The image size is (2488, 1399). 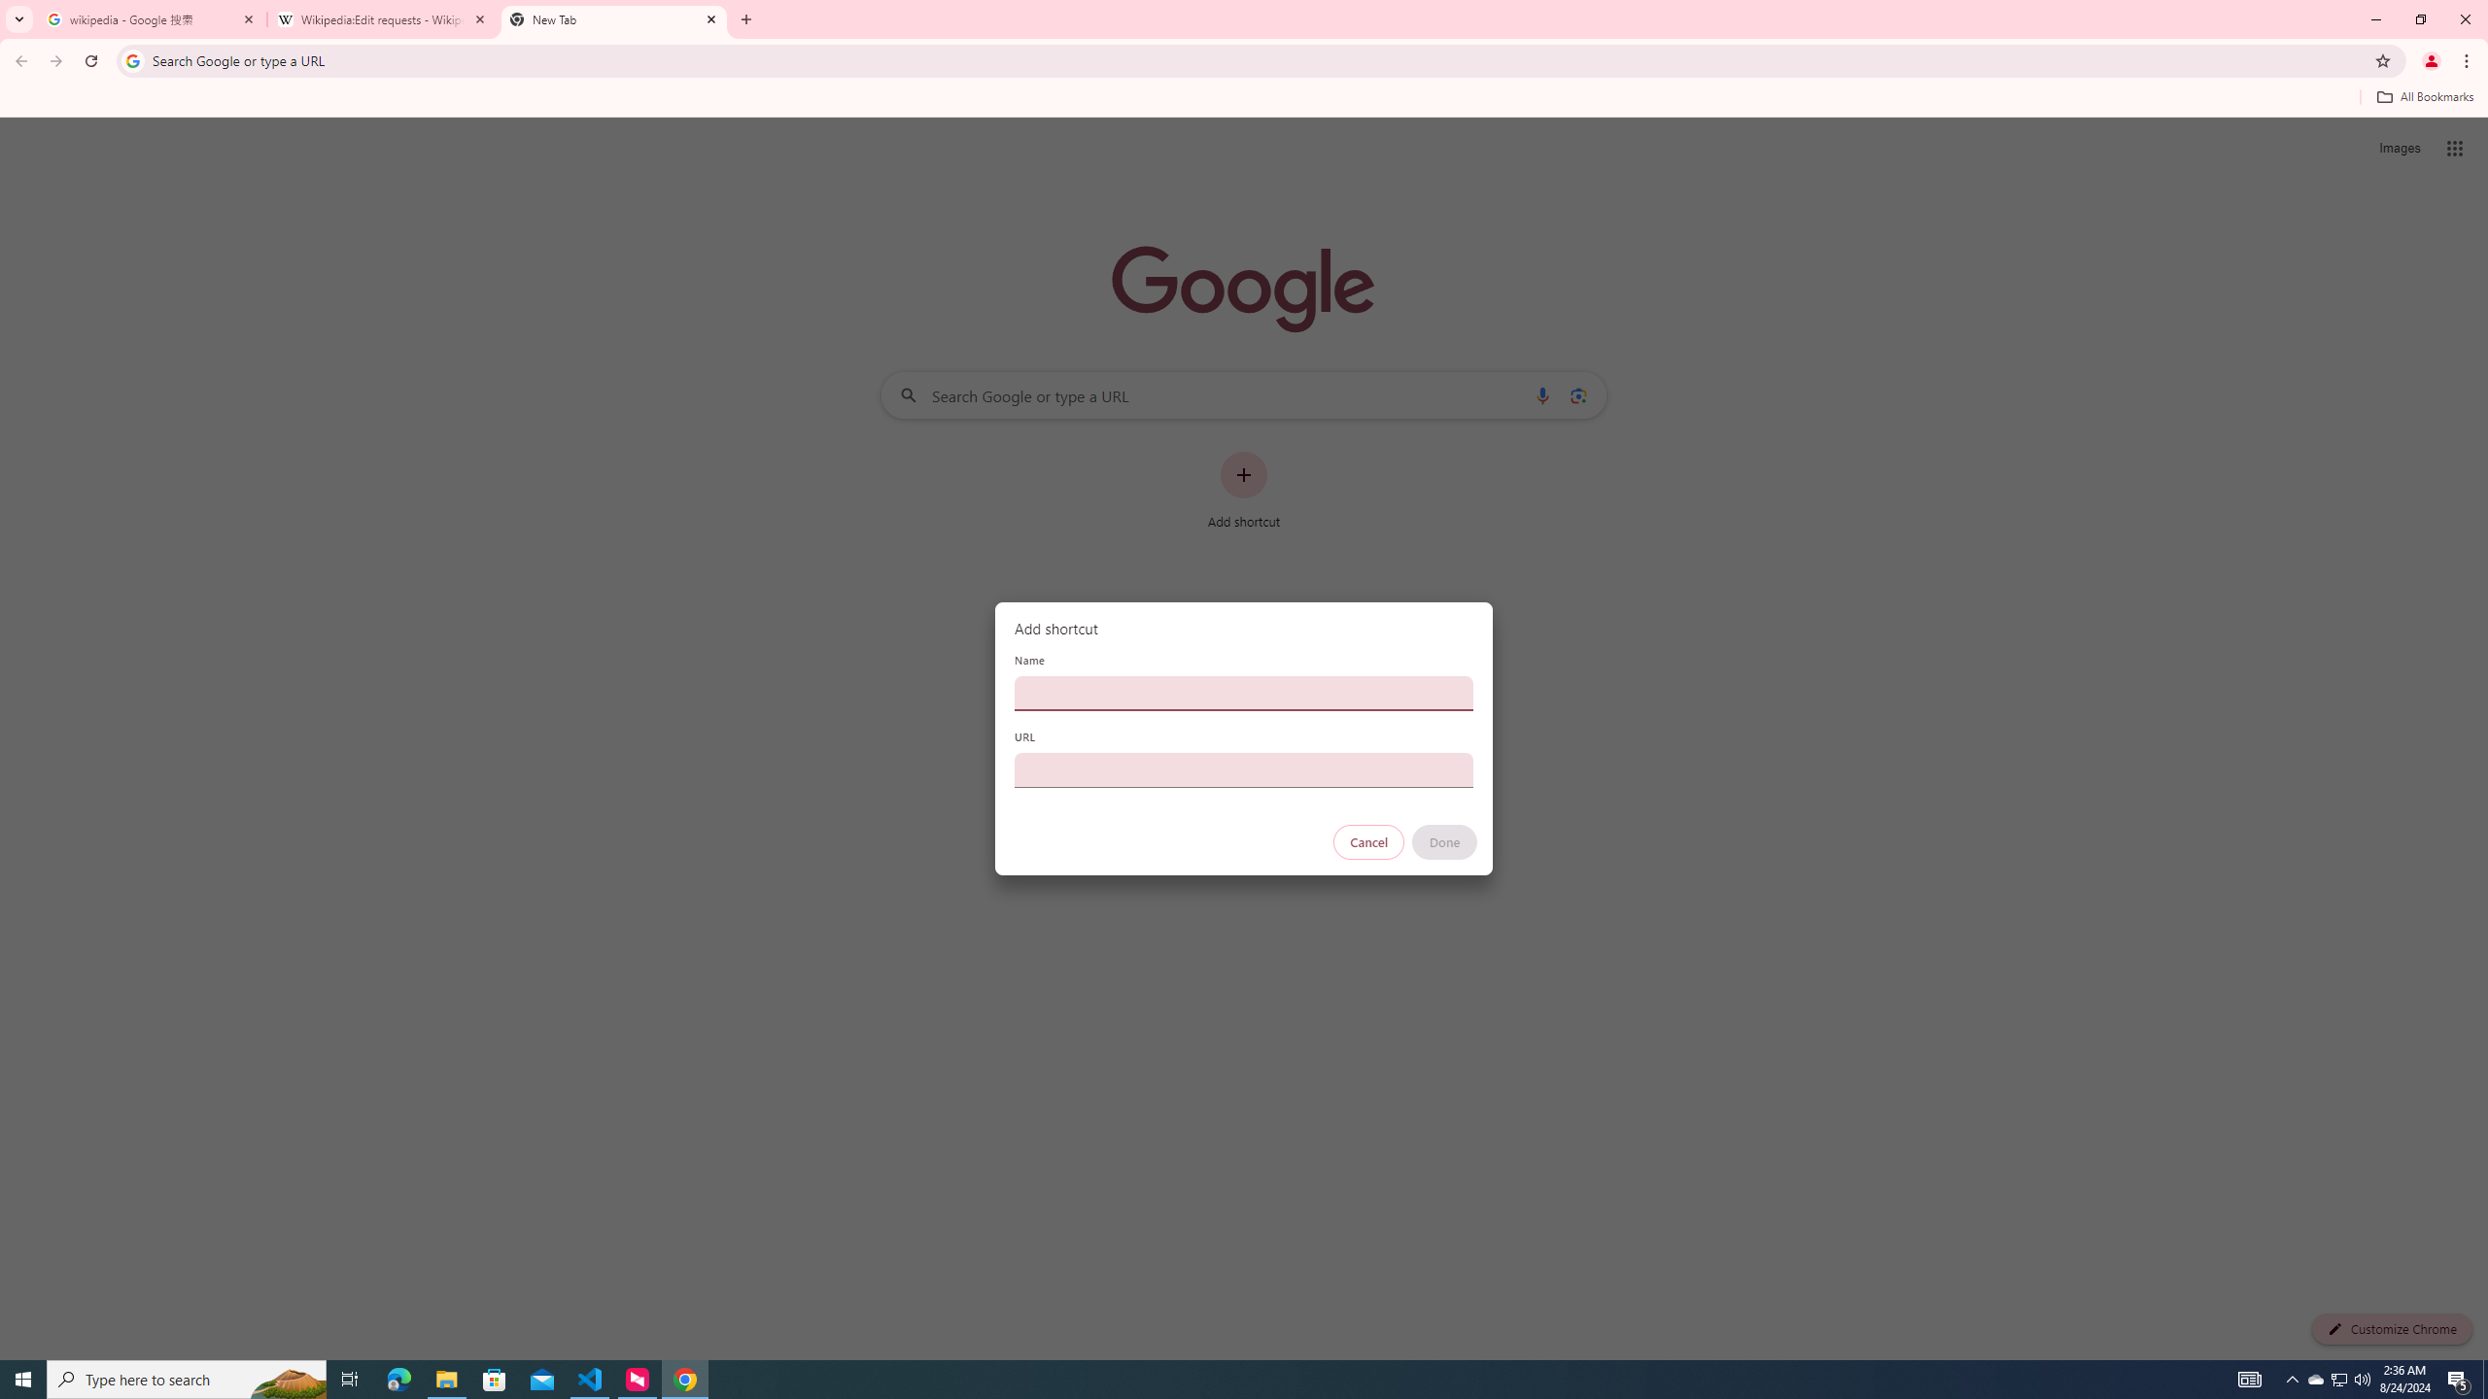 What do you see at coordinates (1244, 692) in the screenshot?
I see `'Name'` at bounding box center [1244, 692].